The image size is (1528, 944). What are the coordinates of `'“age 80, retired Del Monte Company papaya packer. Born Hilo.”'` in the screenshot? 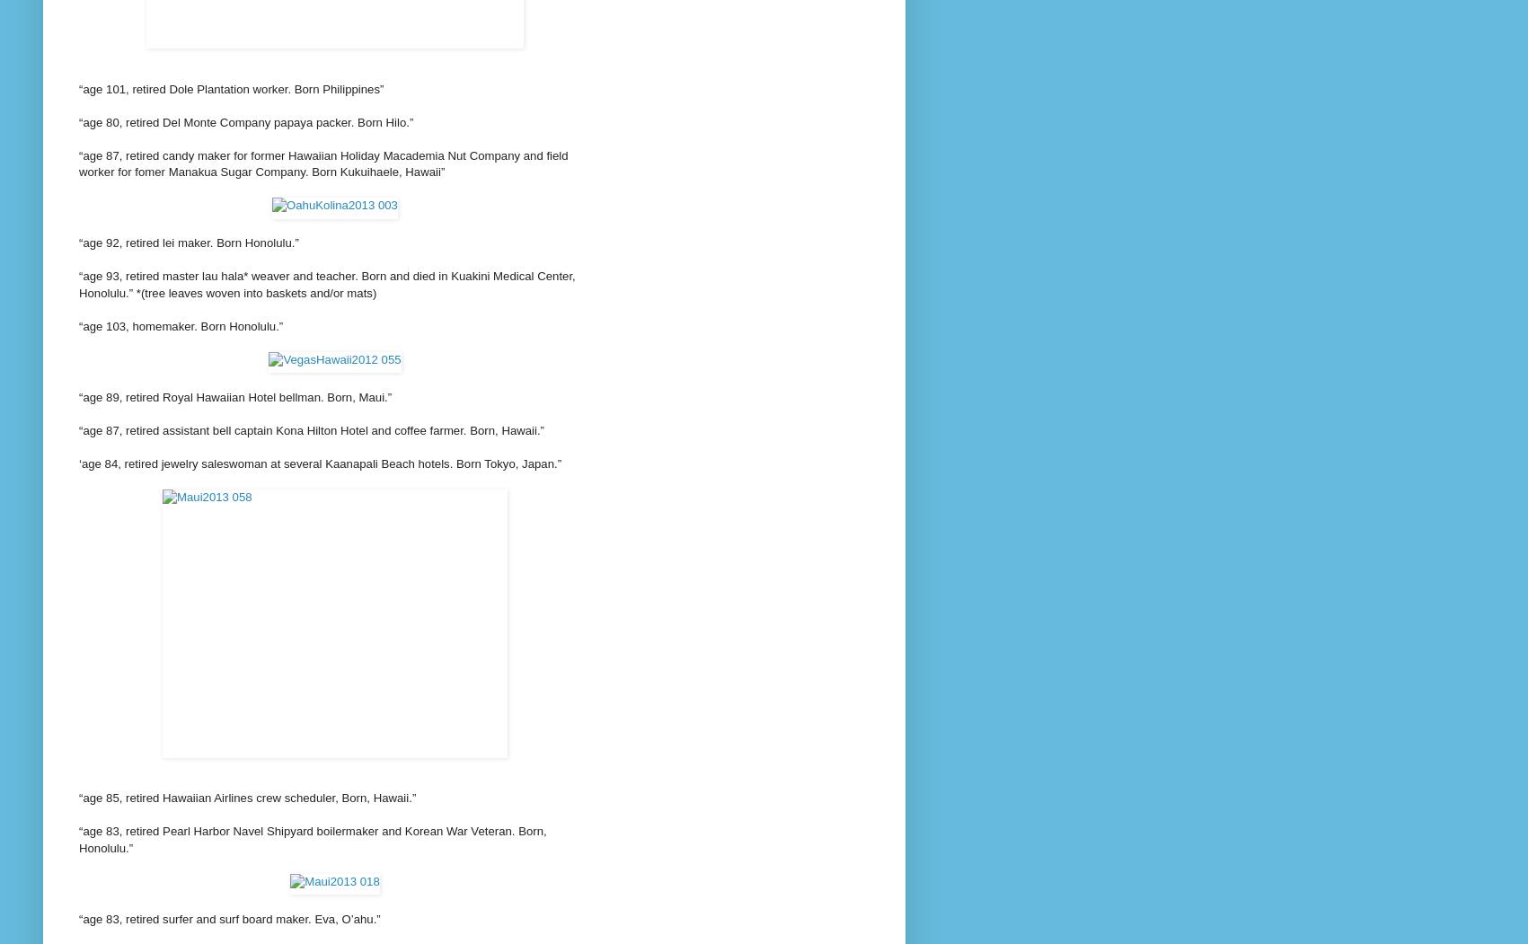 It's located at (246, 120).